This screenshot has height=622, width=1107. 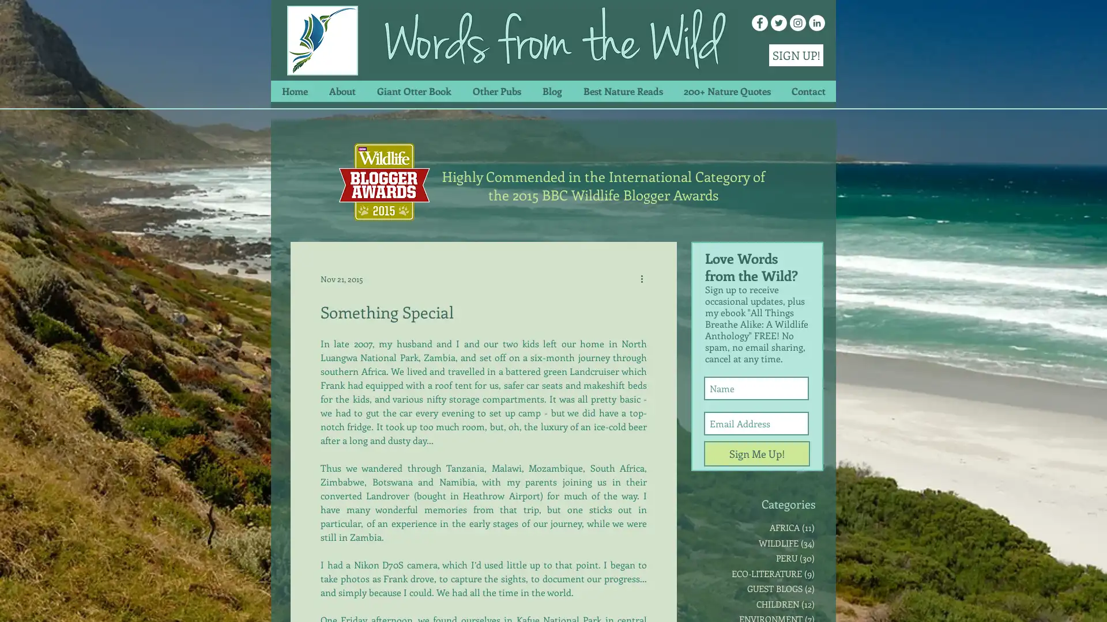 What do you see at coordinates (645, 278) in the screenshot?
I see `More actions` at bounding box center [645, 278].